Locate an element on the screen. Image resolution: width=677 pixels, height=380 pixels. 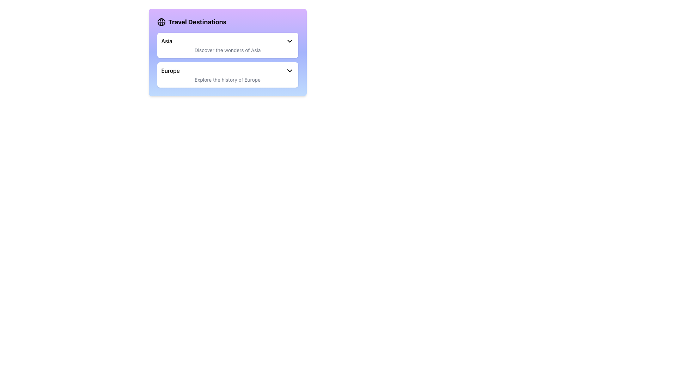
the 'Europe' dropdown button which is a white rectangular button with a light indigo hover effect, containing the title 'Europe' and a downward-pointing arrow icon is located at coordinates (227, 75).